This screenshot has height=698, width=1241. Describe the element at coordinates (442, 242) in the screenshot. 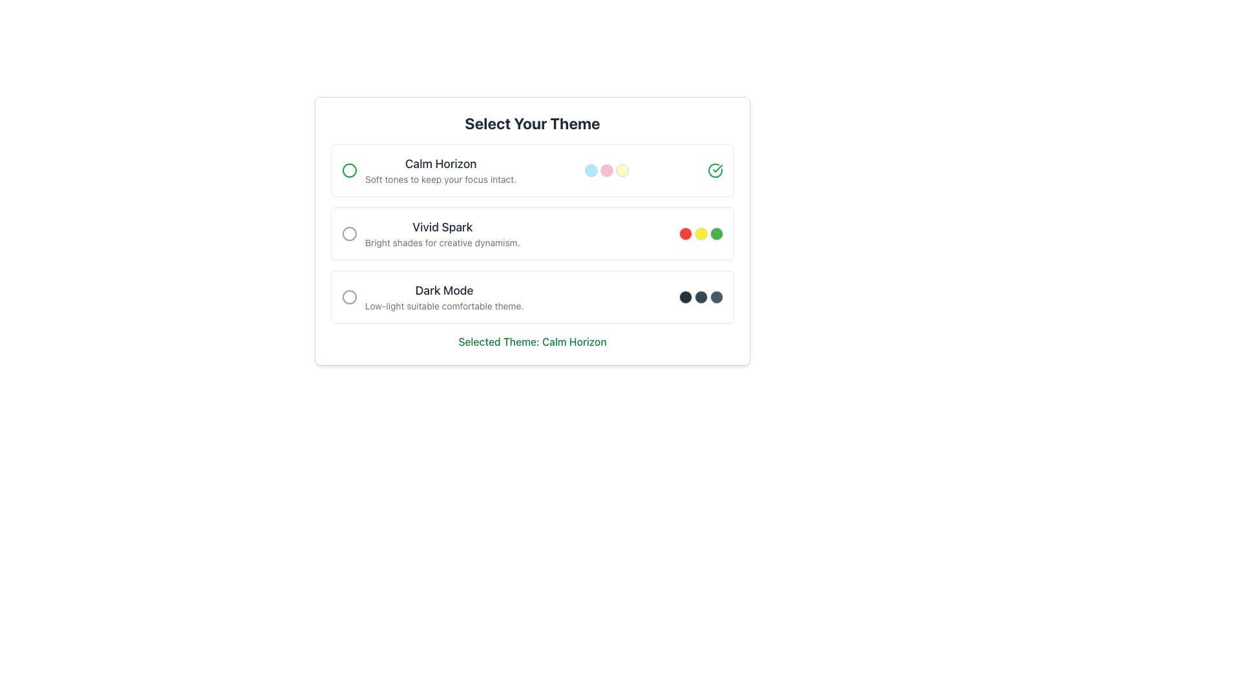

I see `the text label that reads 'Bright shades for creative dynamism.' which is styled in small, gray, sans-serif font and located below the title 'Vivid Spark' in the theme selection panel` at that location.